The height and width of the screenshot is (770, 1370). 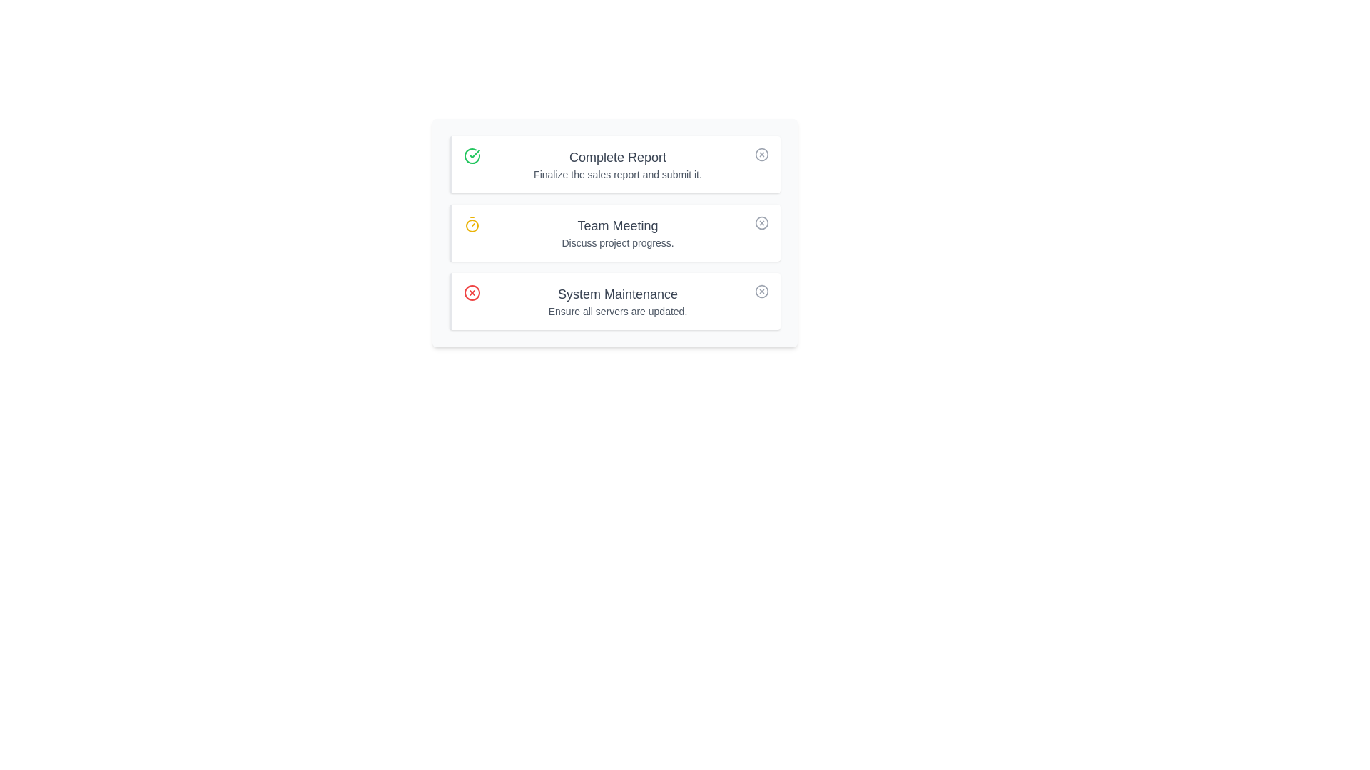 What do you see at coordinates (615, 232) in the screenshot?
I see `the task titled Team Meeting to emphasize its details` at bounding box center [615, 232].